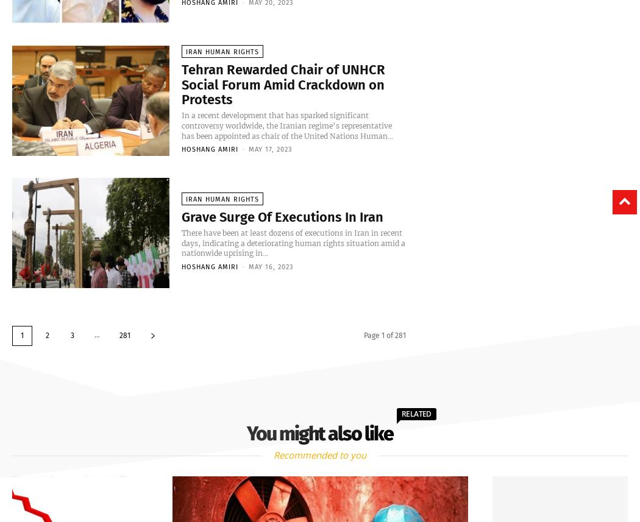 The height and width of the screenshot is (522, 640). What do you see at coordinates (320, 432) in the screenshot?
I see `'You might also like'` at bounding box center [320, 432].